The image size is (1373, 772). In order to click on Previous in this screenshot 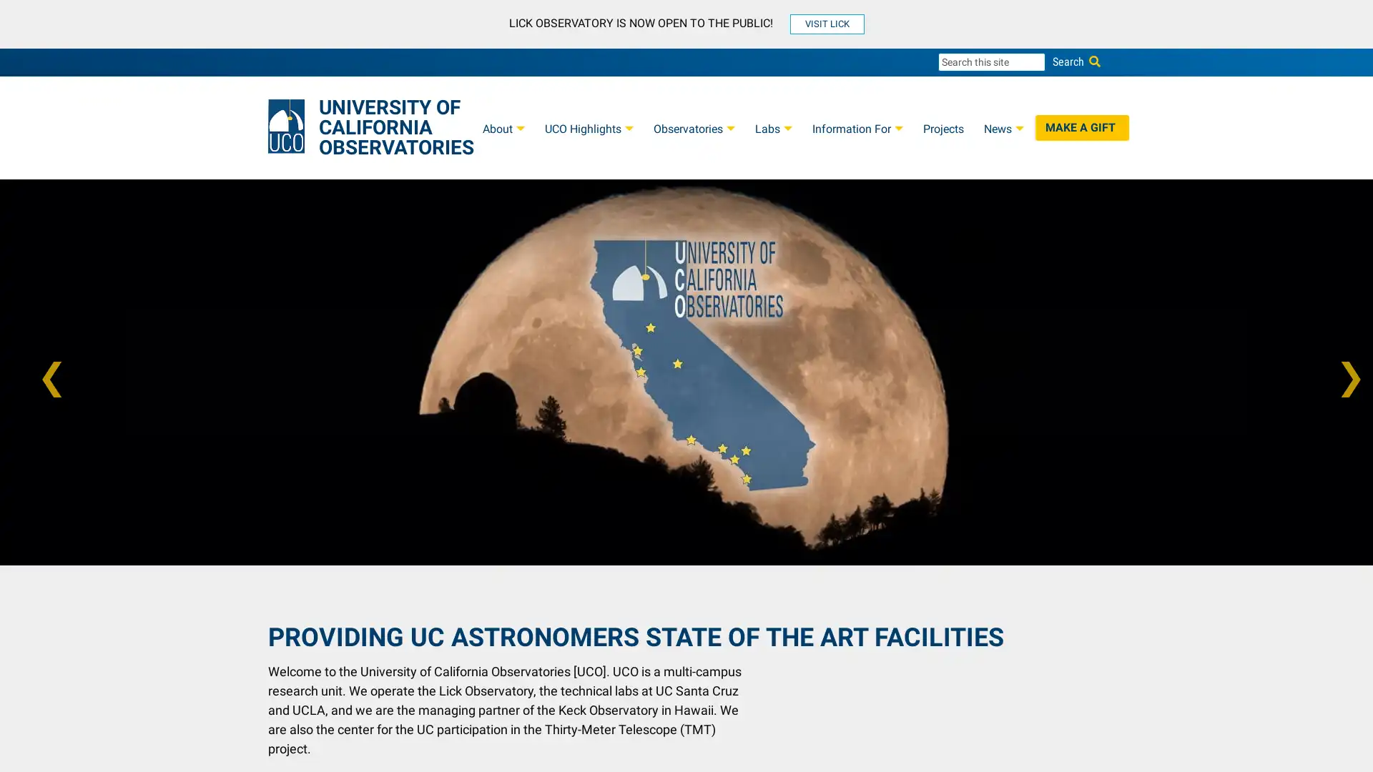, I will do `click(37, 371)`.